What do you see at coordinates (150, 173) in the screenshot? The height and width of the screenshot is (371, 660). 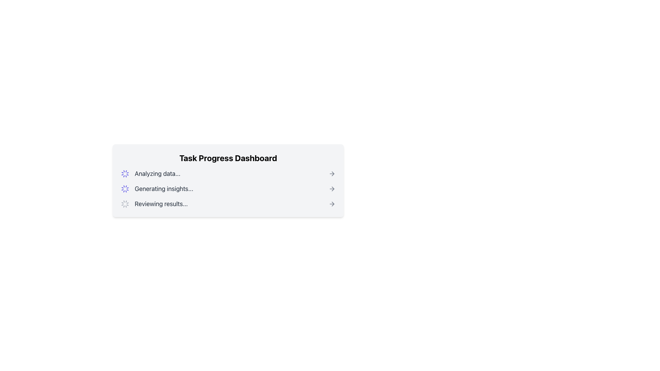 I see `the text label 'Analyzing data...' in the Progress indicator within the Task Progress Dashboard` at bounding box center [150, 173].